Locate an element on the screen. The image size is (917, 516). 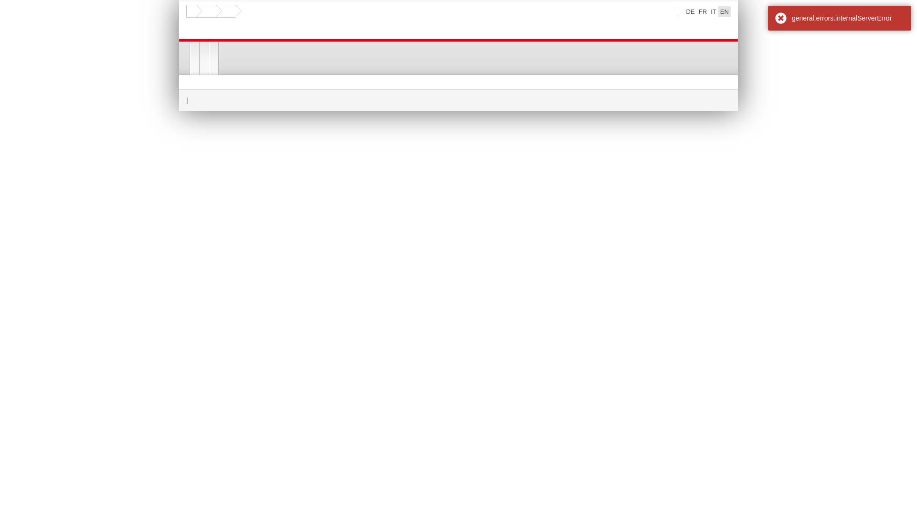
'EN' is located at coordinates (718, 11).